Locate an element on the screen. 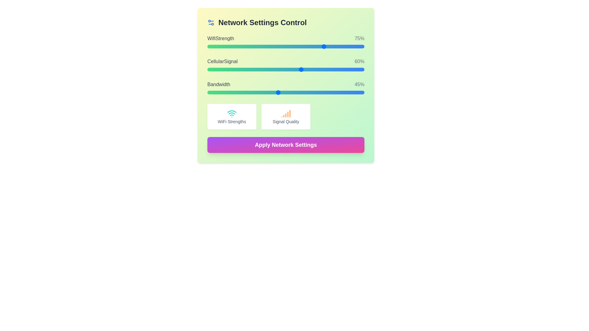 This screenshot has width=589, height=331. the Cellular Signal slider is located at coordinates (271, 69).